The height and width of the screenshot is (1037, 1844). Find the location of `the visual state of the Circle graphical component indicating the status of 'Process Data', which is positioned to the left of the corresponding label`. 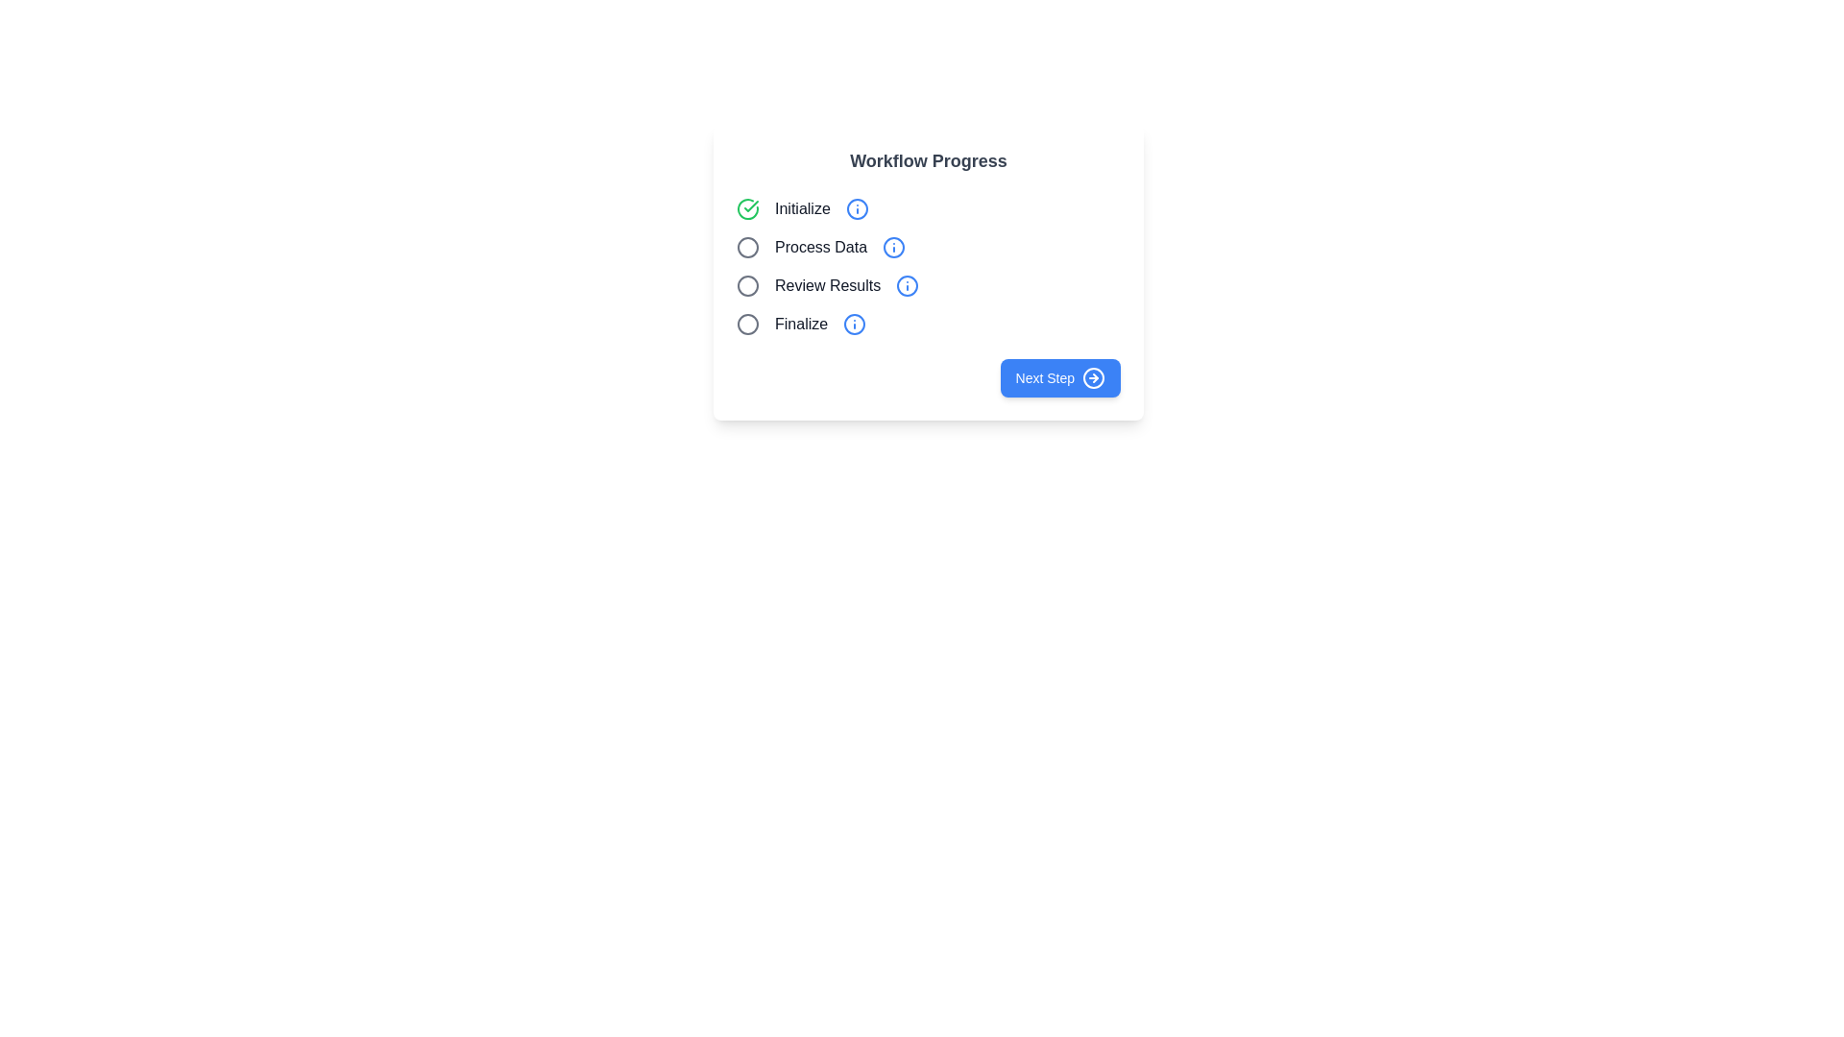

the visual state of the Circle graphical component indicating the status of 'Process Data', which is positioned to the left of the corresponding label is located at coordinates (746, 247).